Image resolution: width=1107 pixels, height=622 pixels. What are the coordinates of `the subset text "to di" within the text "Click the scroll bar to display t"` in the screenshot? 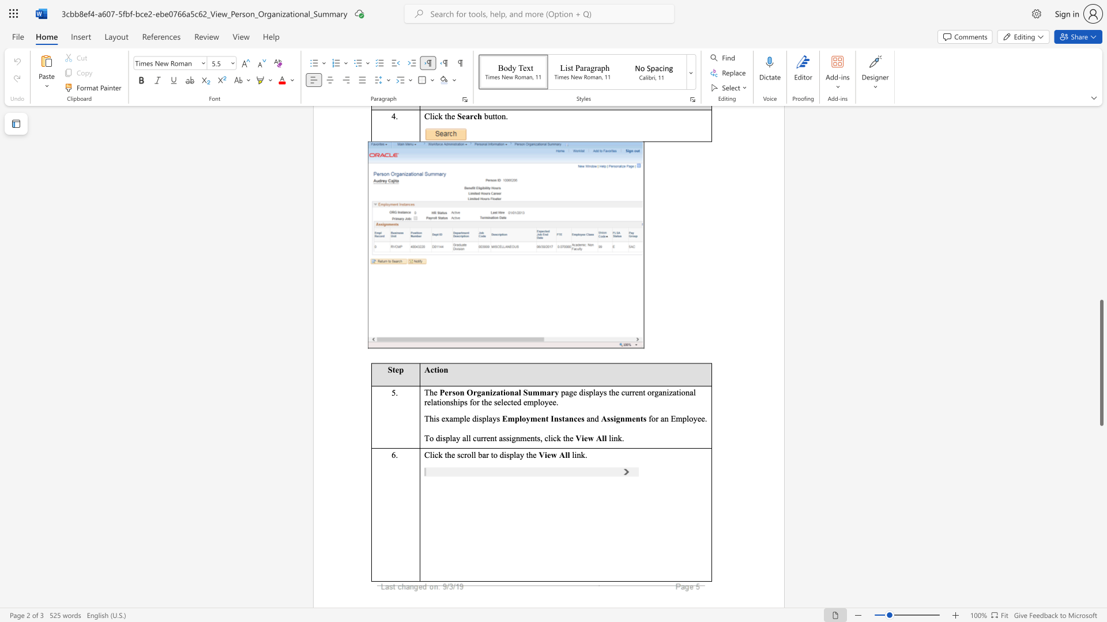 It's located at (491, 454).